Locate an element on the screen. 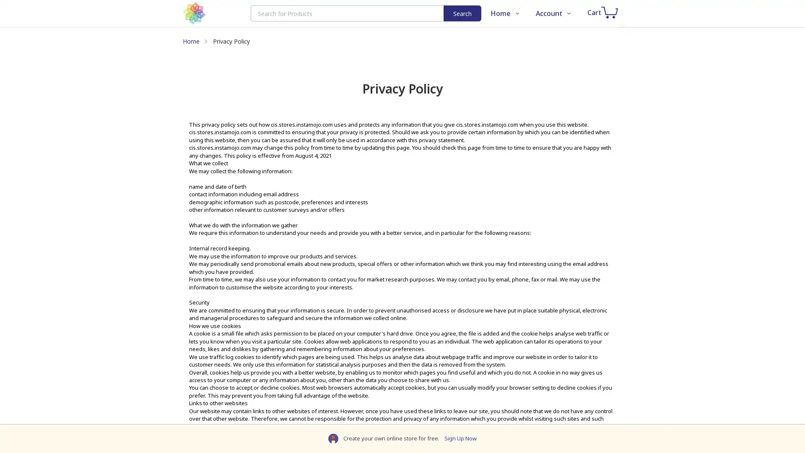 This screenshot has height=453, width=805. Proceed to Checkout is located at coordinates (666, 140).